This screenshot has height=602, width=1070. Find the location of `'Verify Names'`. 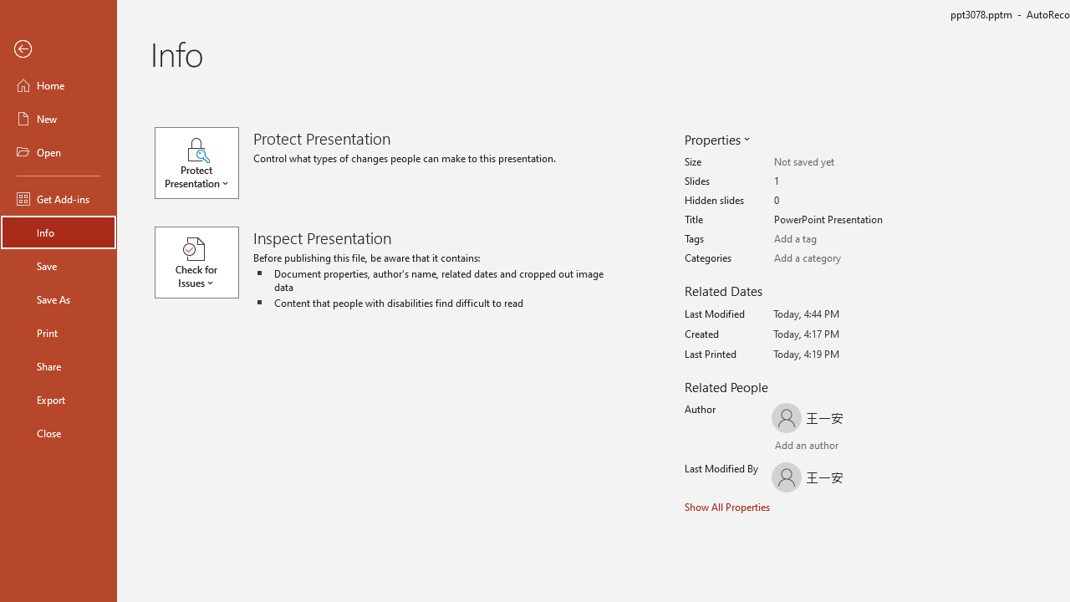

'Verify Names' is located at coordinates (823, 446).